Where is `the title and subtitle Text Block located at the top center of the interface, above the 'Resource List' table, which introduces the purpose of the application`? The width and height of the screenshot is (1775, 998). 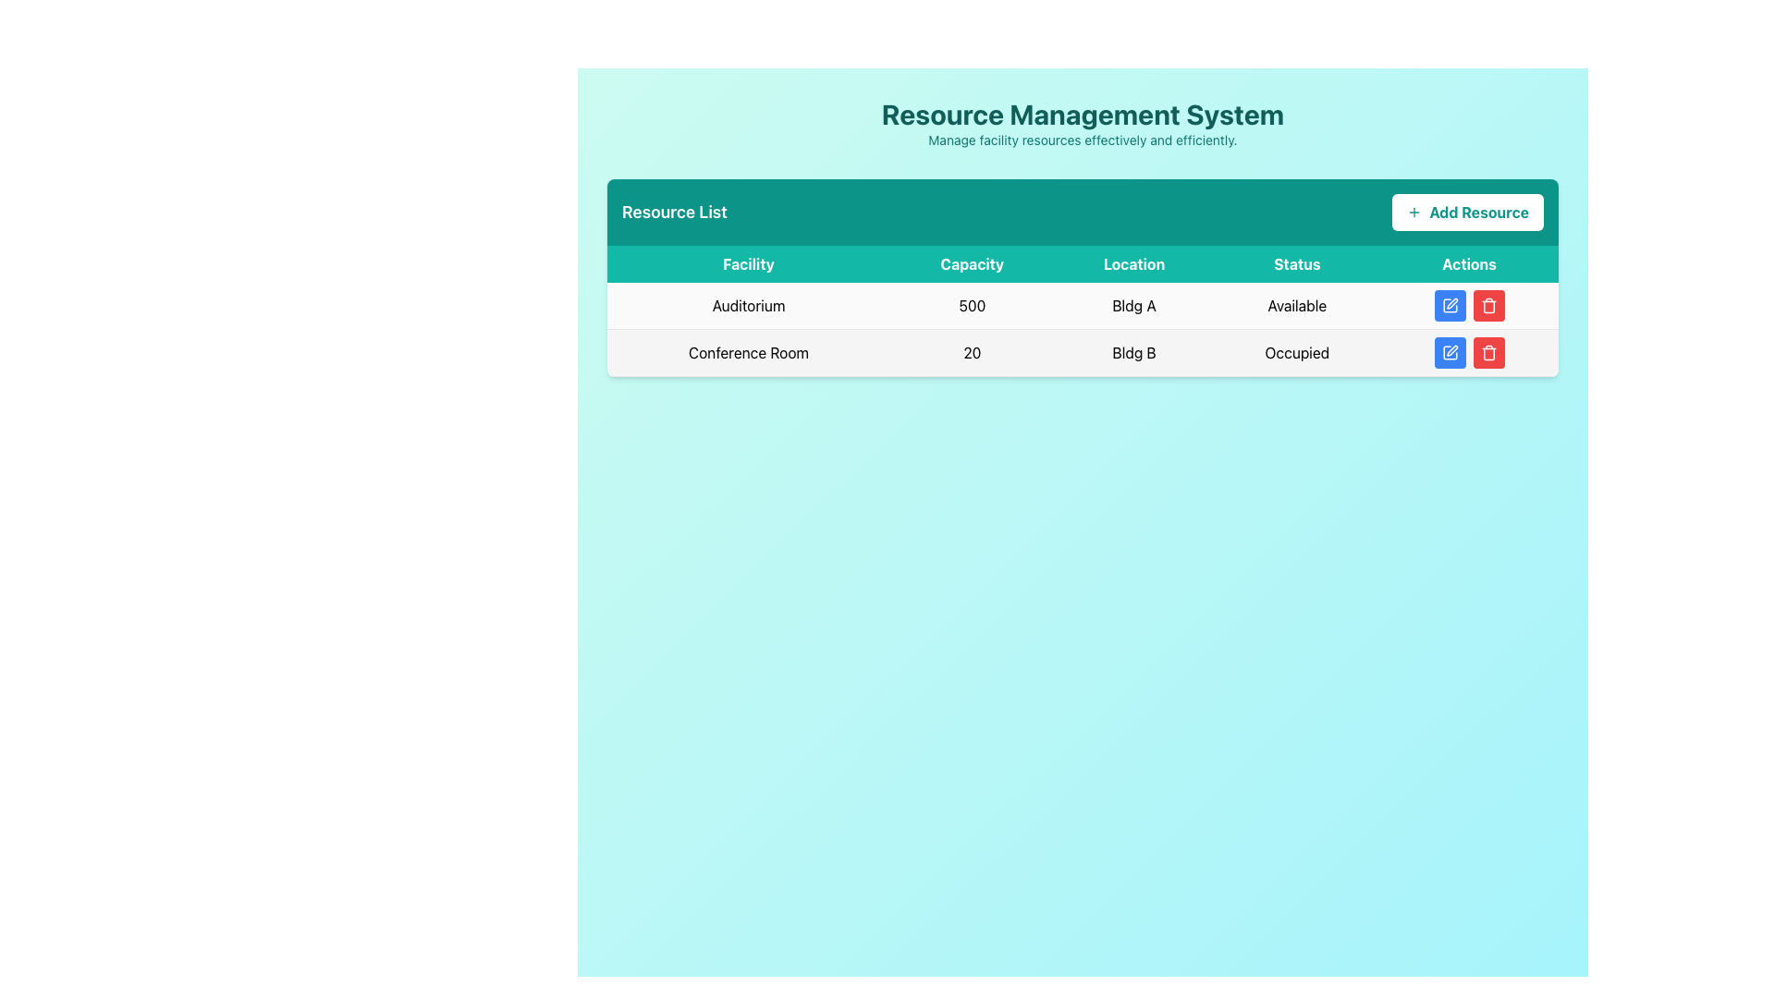
the title and subtitle Text Block located at the top center of the interface, above the 'Resource List' table, which introduces the purpose of the application is located at coordinates (1083, 124).